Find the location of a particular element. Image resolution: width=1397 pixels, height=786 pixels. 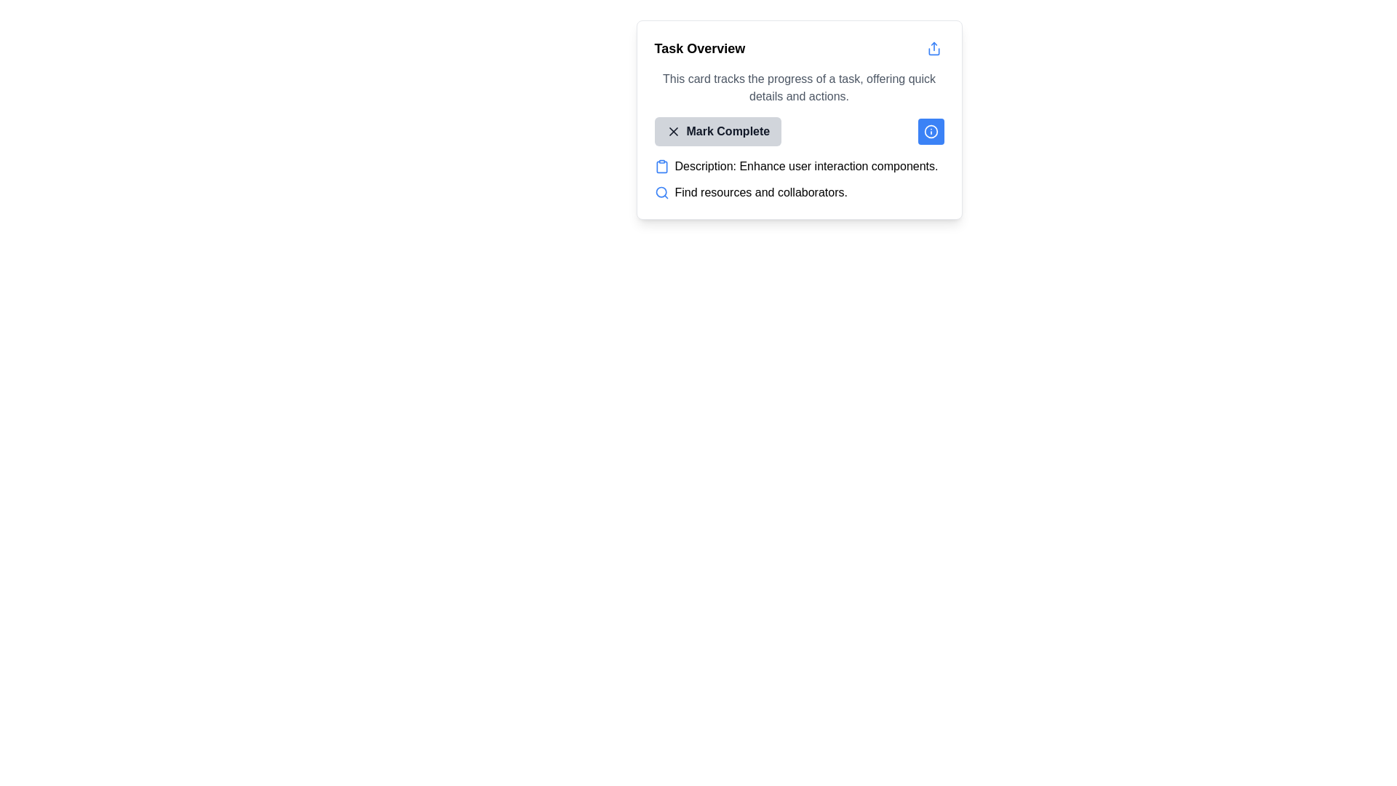

the blue magnifying glass icon located to the left of the text 'Find resources and collaborators' in the top-right section of the 'Task Overview' card is located at coordinates (661, 192).